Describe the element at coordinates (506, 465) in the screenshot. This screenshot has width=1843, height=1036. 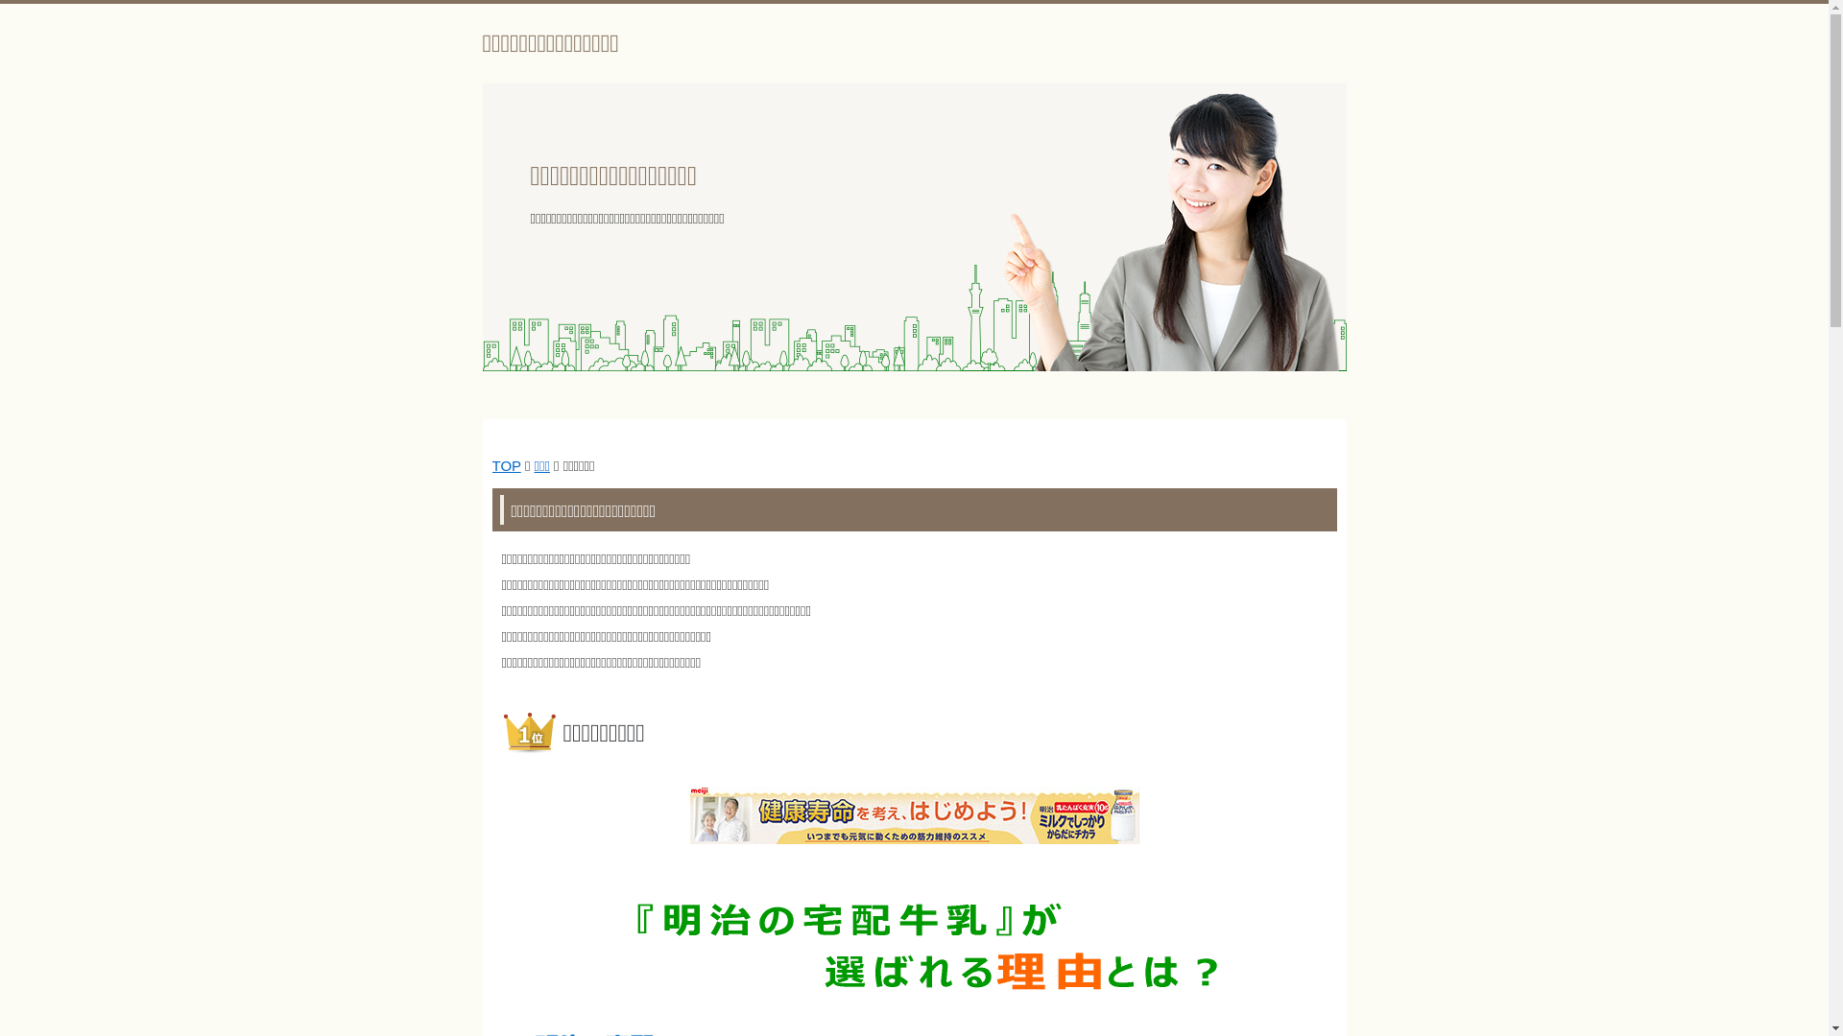
I see `'TOP'` at that location.